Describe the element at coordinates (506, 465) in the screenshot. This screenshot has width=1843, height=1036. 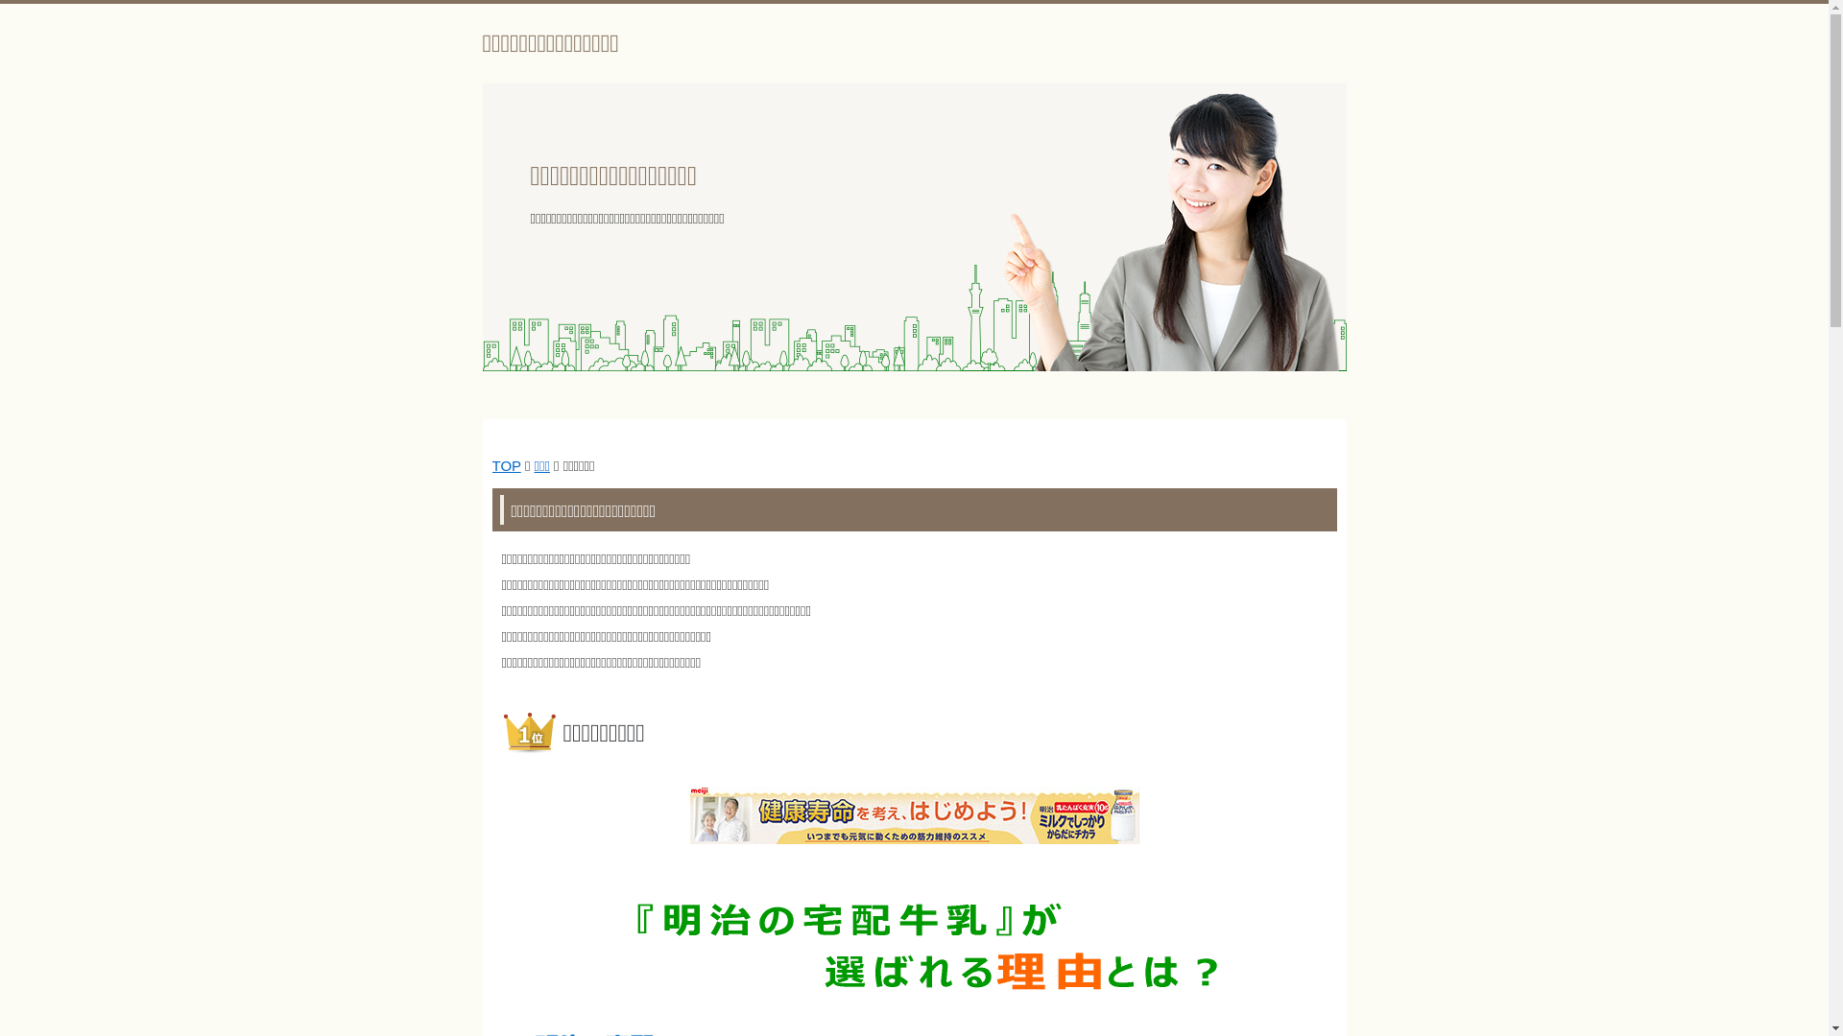
I see `'TOP'` at that location.